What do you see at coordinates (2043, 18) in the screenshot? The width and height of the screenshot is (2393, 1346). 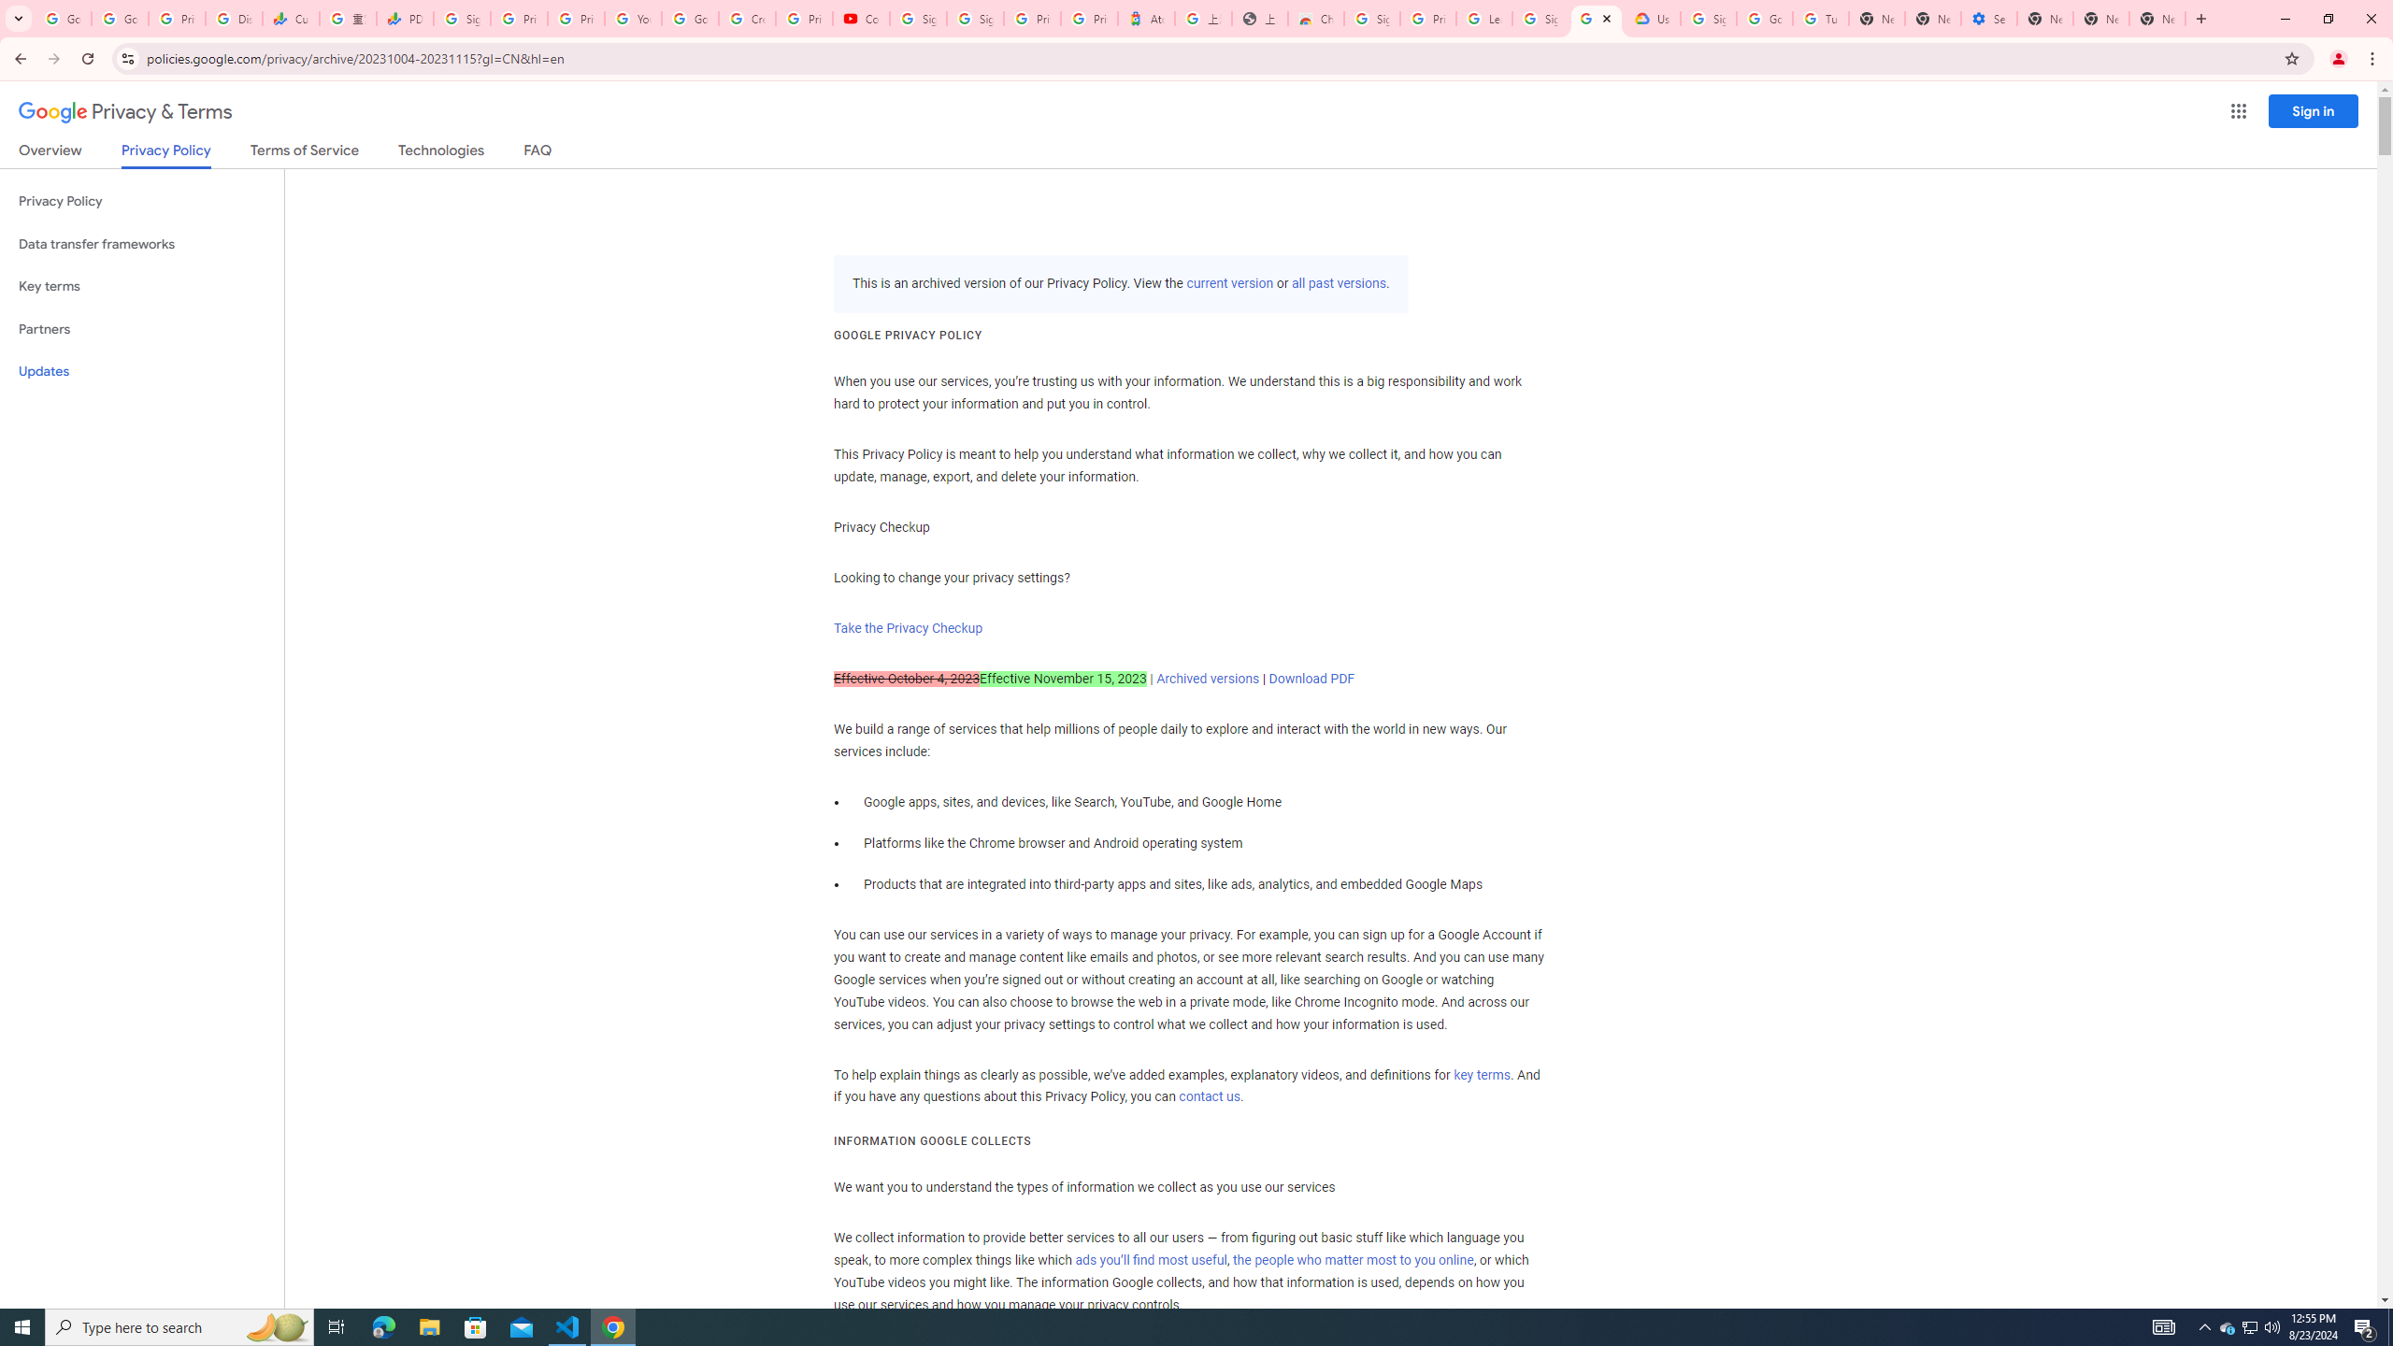 I see `'New Tab'` at bounding box center [2043, 18].